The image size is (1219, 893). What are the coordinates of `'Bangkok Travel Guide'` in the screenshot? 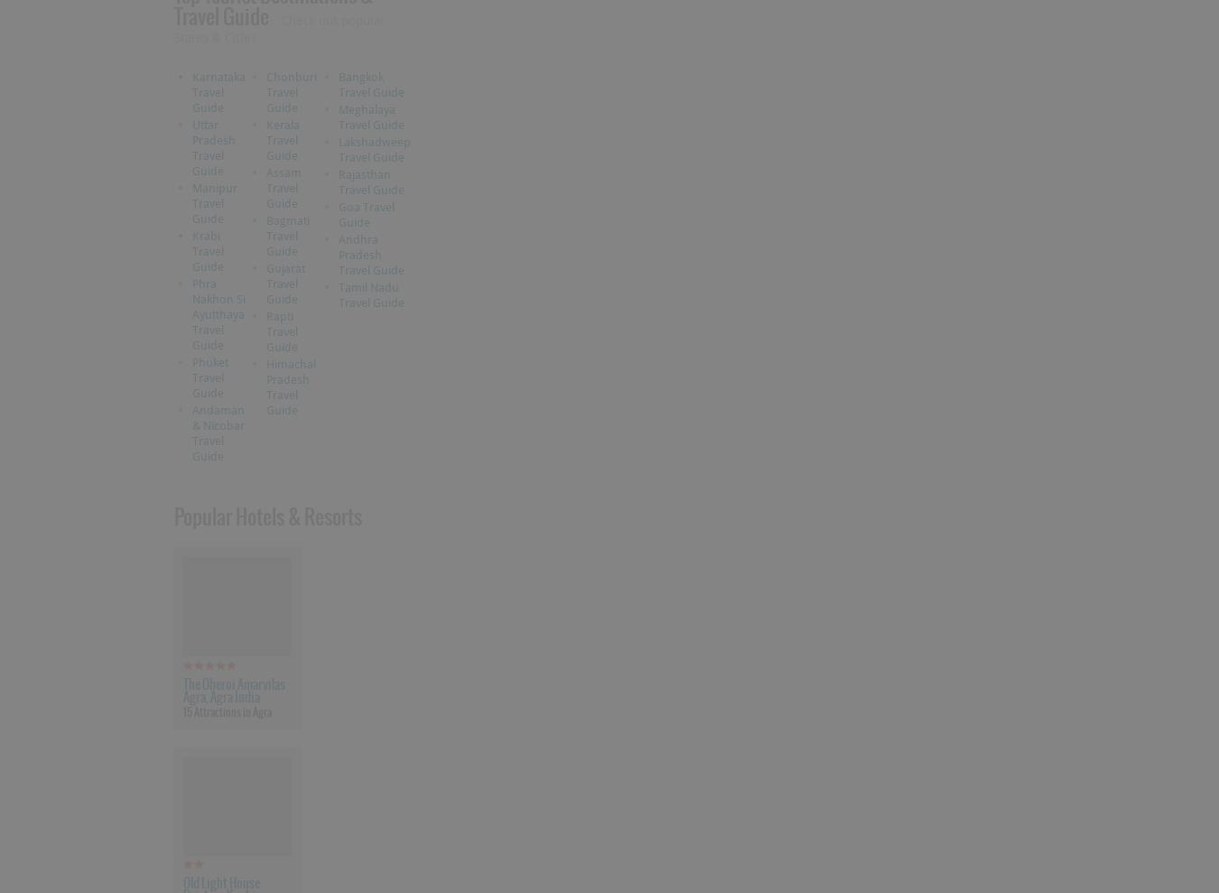 It's located at (339, 83).